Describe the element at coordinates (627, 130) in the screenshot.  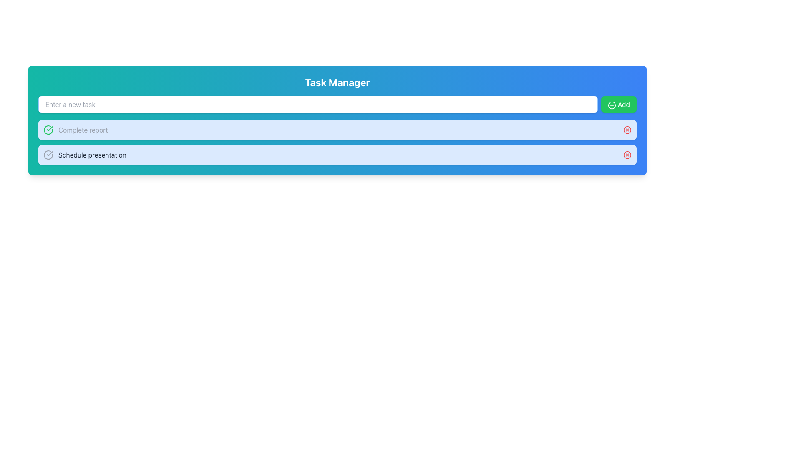
I see `the Circle element in the SVG group indicating an action next to the text 'Complete report' in the task list` at that location.